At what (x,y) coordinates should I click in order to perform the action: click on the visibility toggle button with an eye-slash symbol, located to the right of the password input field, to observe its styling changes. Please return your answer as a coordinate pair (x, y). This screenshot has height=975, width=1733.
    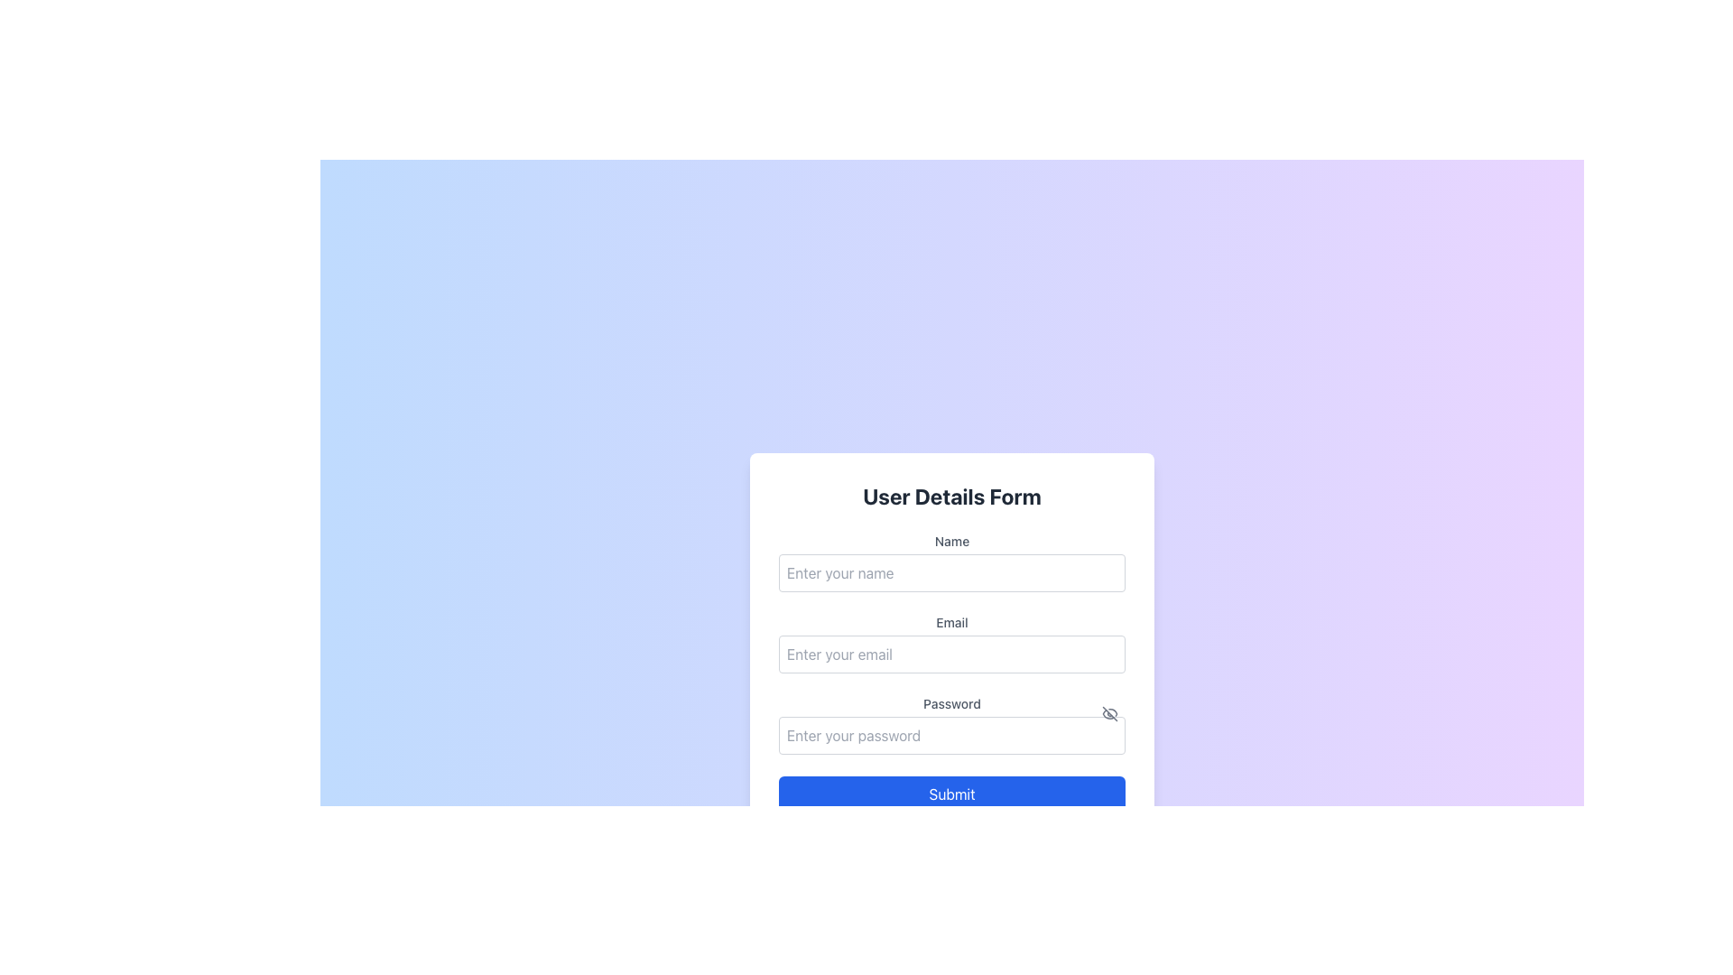
    Looking at the image, I should click on (1108, 712).